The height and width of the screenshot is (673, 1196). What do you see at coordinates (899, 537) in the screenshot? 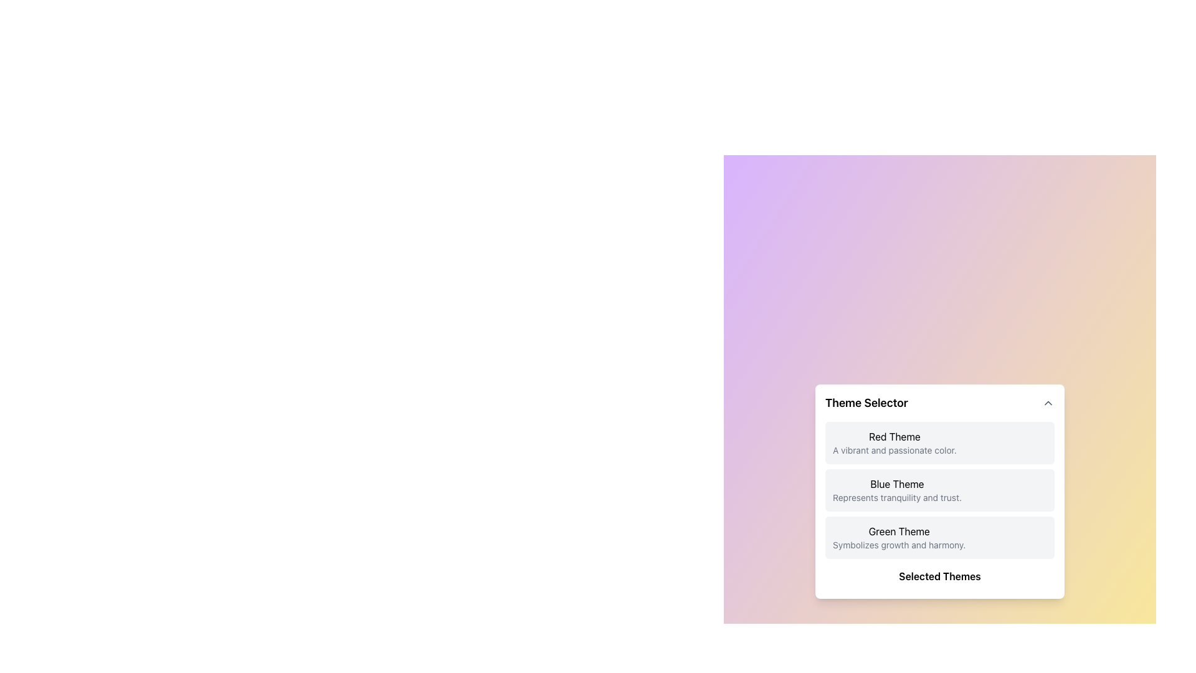
I see `informational display for the 'Green Theme' located in the Theme Selector section, which is the third entry in the vertical list of themes` at bounding box center [899, 537].